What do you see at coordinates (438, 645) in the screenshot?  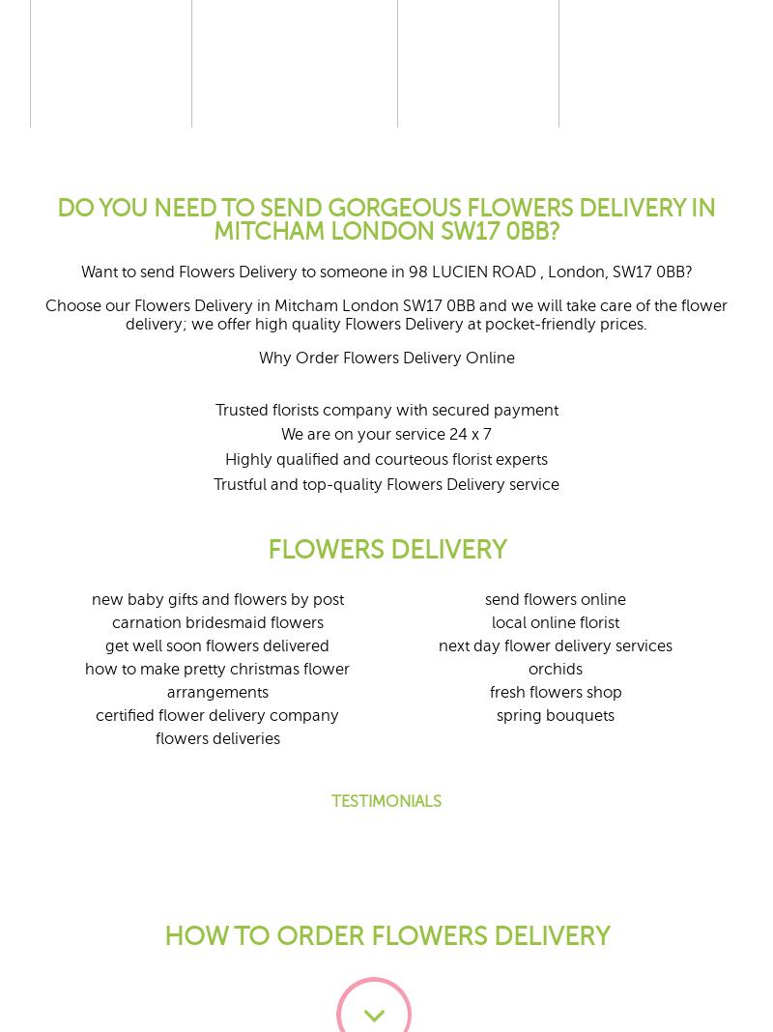 I see `'next day flower delivery services'` at bounding box center [438, 645].